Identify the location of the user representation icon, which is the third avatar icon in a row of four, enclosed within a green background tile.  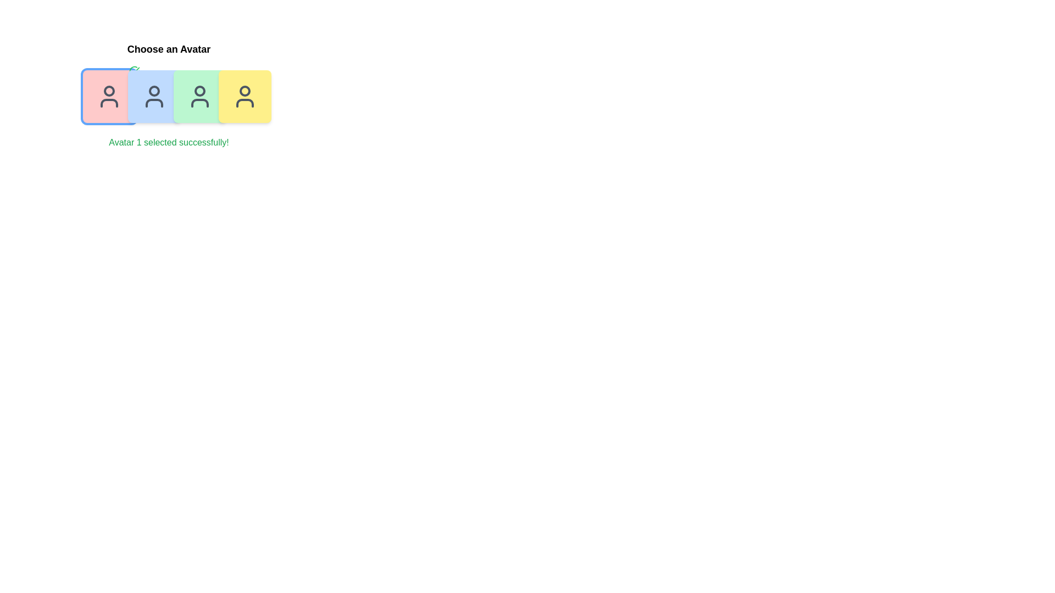
(199, 96).